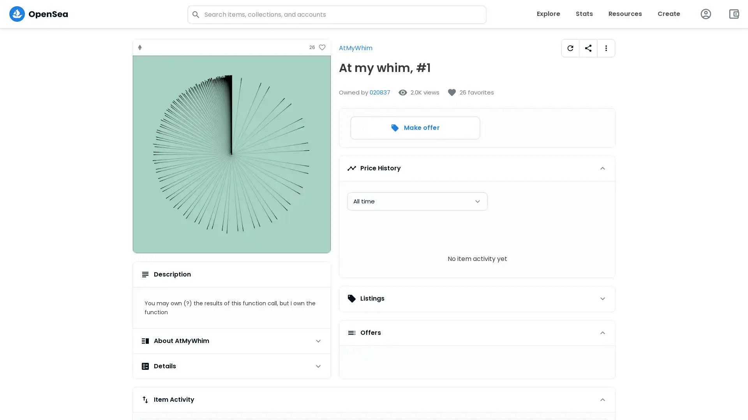  What do you see at coordinates (470, 92) in the screenshot?
I see `Favorited by` at bounding box center [470, 92].